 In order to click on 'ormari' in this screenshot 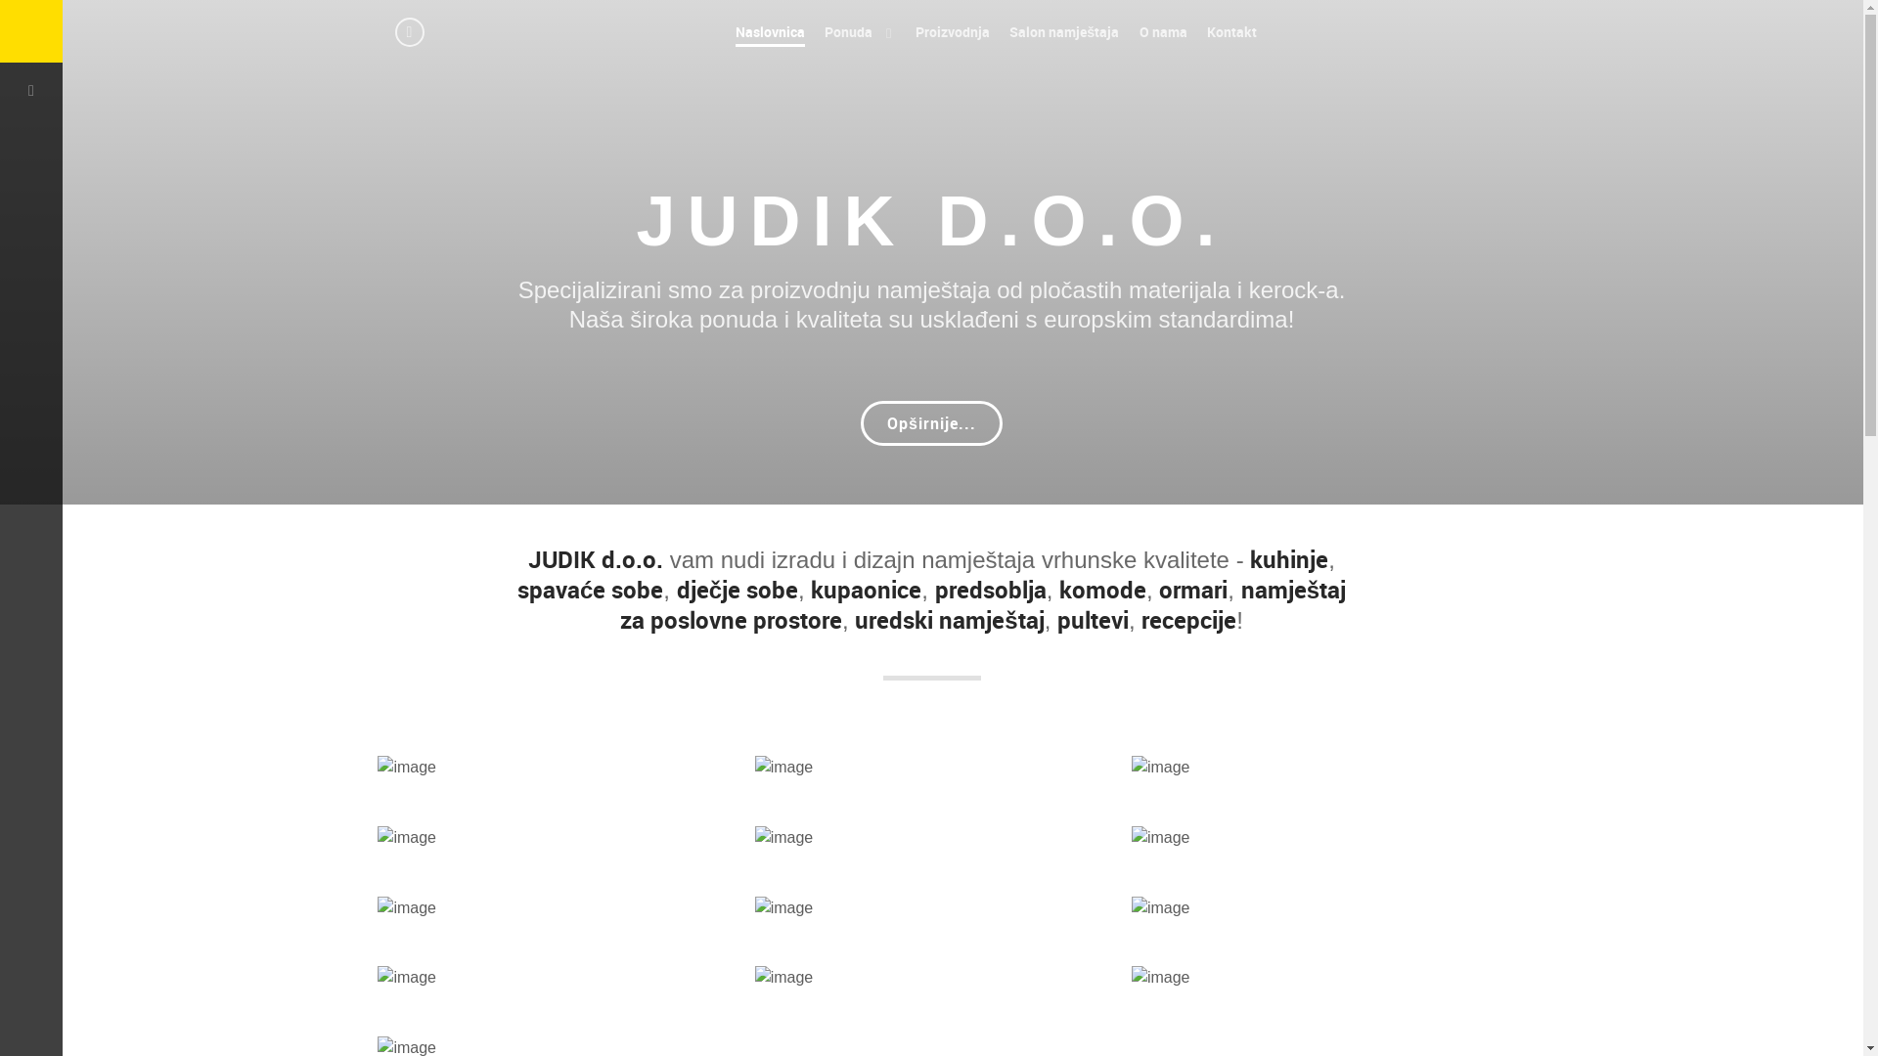, I will do `click(1191, 588)`.